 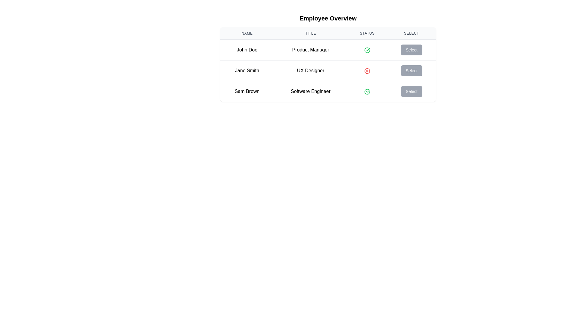 I want to click on the text label that provides the name of an individual, located as the third entry under the 'NAME' column in the table, so click(x=247, y=91).